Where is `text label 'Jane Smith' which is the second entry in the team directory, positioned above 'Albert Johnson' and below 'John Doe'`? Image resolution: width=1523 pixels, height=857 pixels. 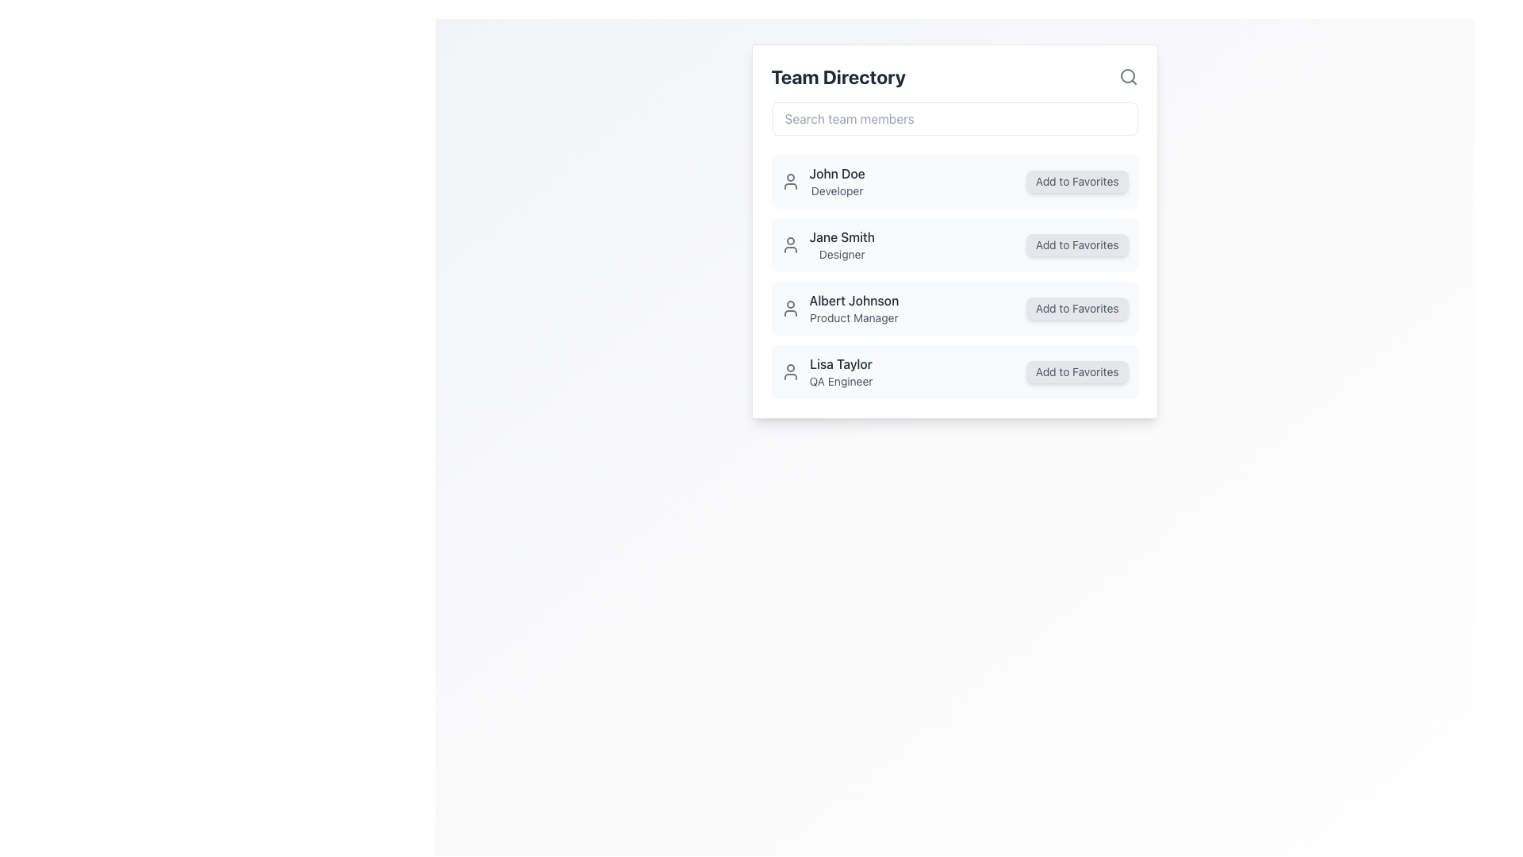
text label 'Jane Smith' which is the second entry in the team directory, positioned above 'Albert Johnson' and below 'John Doe' is located at coordinates (841, 237).